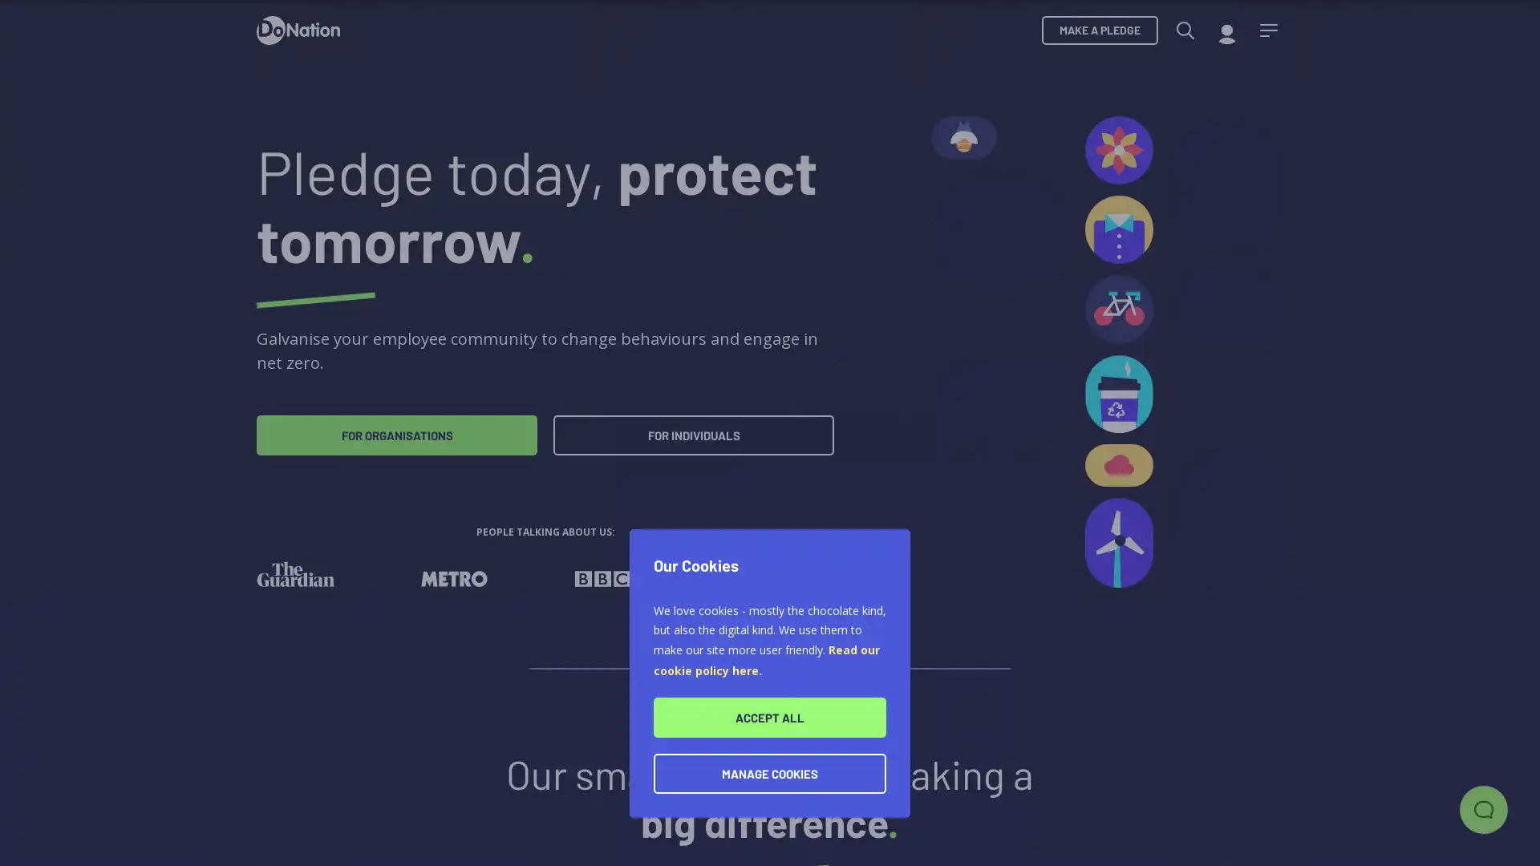  I want to click on ACCEPT ALL, so click(770, 716).